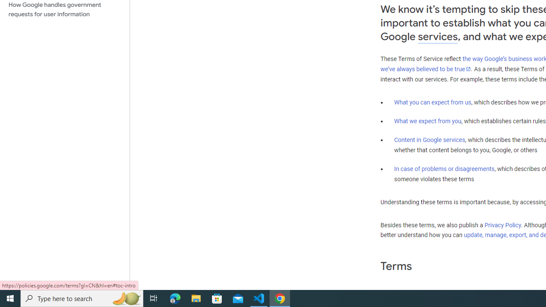  What do you see at coordinates (430, 139) in the screenshot?
I see `'Content in Google services'` at bounding box center [430, 139].